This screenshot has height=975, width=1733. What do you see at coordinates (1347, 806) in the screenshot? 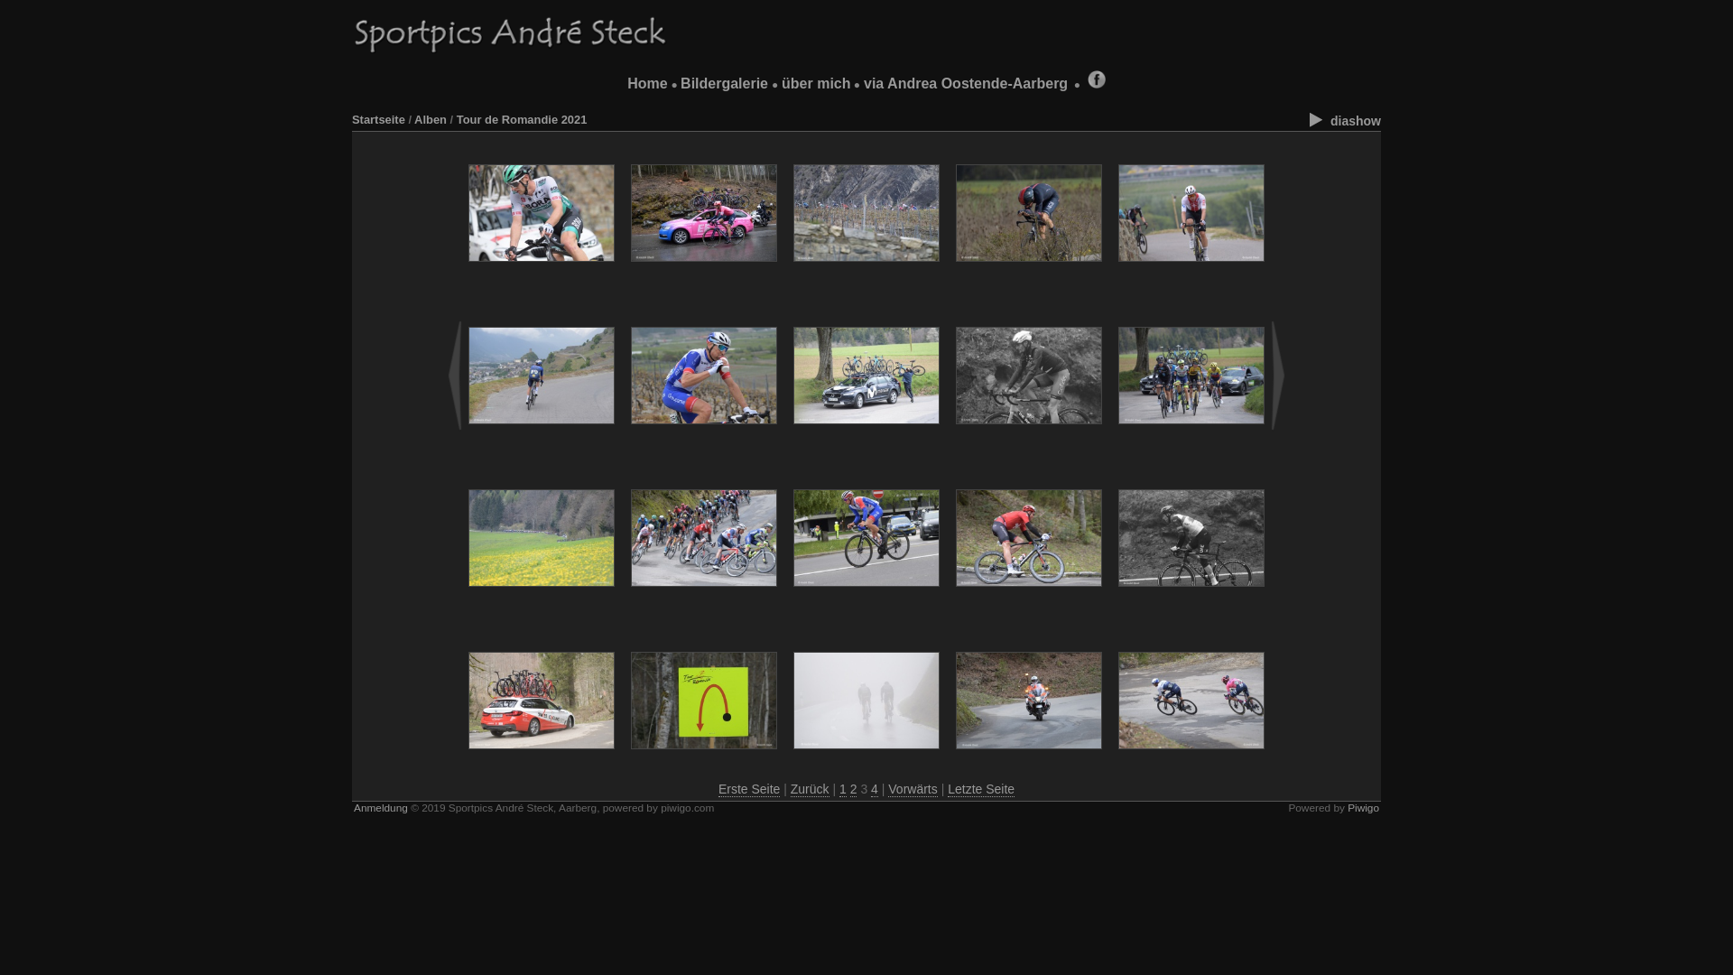
I see `'Piwigo'` at bounding box center [1347, 806].